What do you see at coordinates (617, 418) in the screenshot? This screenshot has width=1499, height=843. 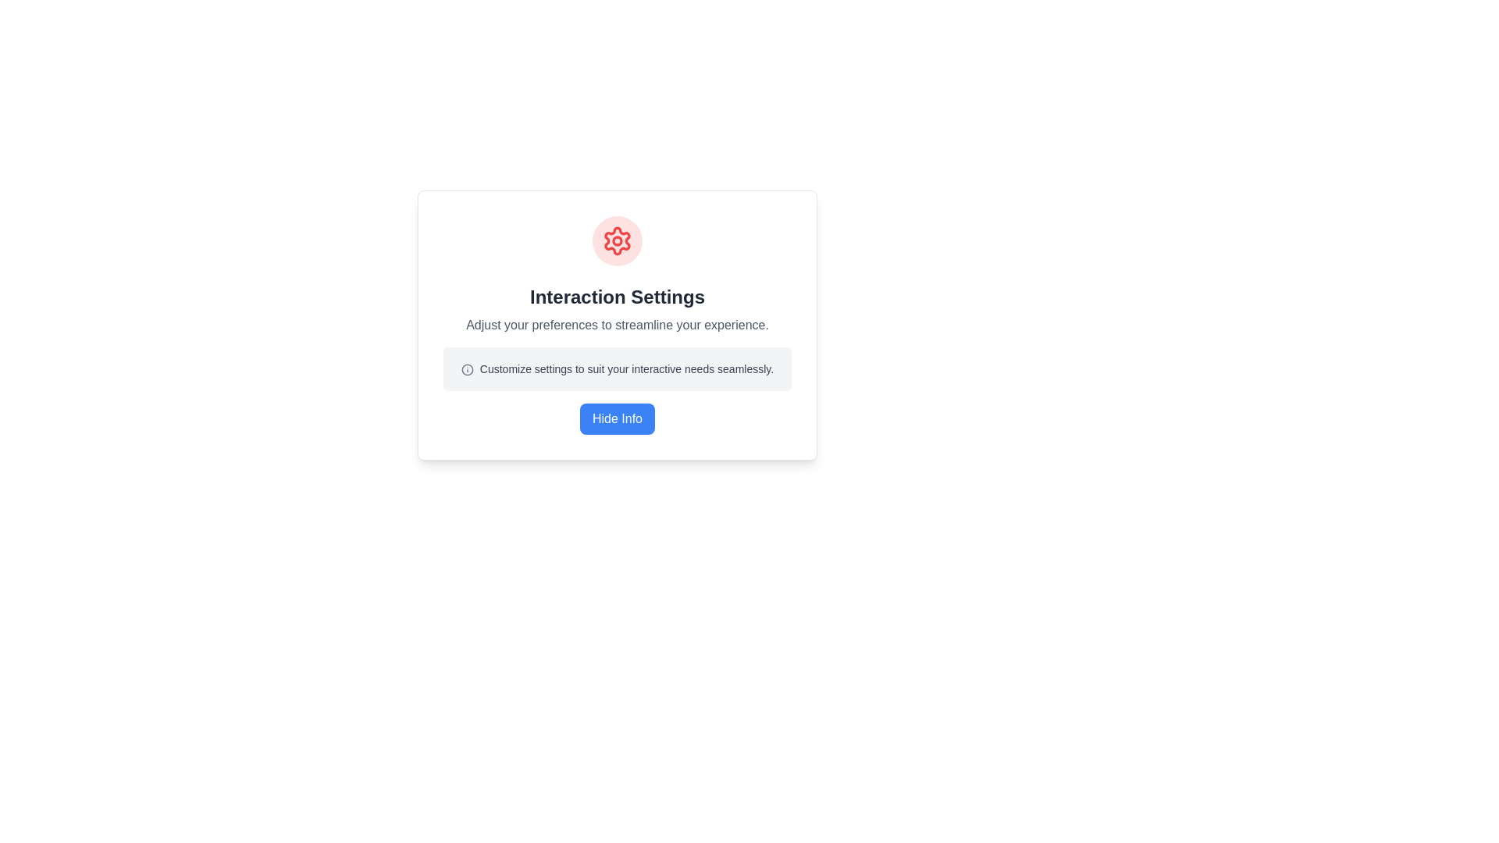 I see `the rectangular button with a blue background and white text displaying 'Hide Info' located at the bottom center of the 'Interaction Settings' card` at bounding box center [617, 418].